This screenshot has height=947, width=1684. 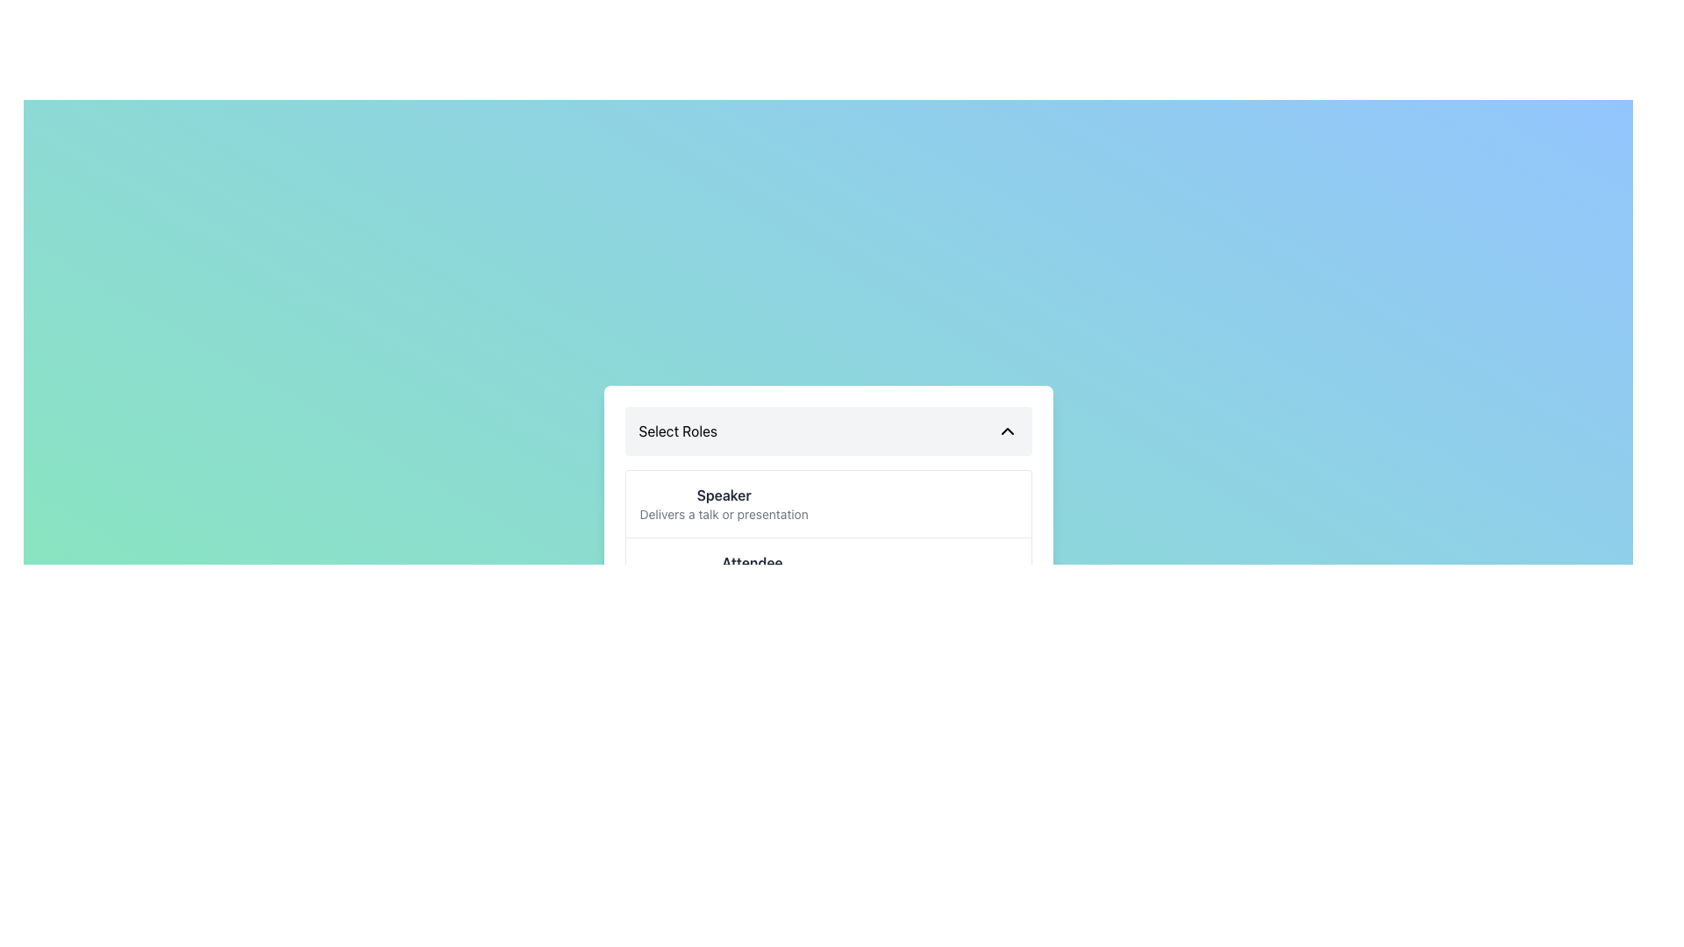 I want to click on the 'Speaker' text label which is the first option, so click(x=724, y=503).